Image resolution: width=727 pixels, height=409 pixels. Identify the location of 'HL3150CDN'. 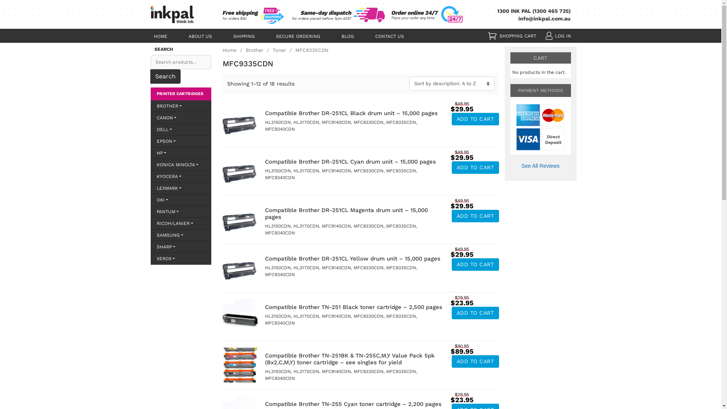
(278, 122).